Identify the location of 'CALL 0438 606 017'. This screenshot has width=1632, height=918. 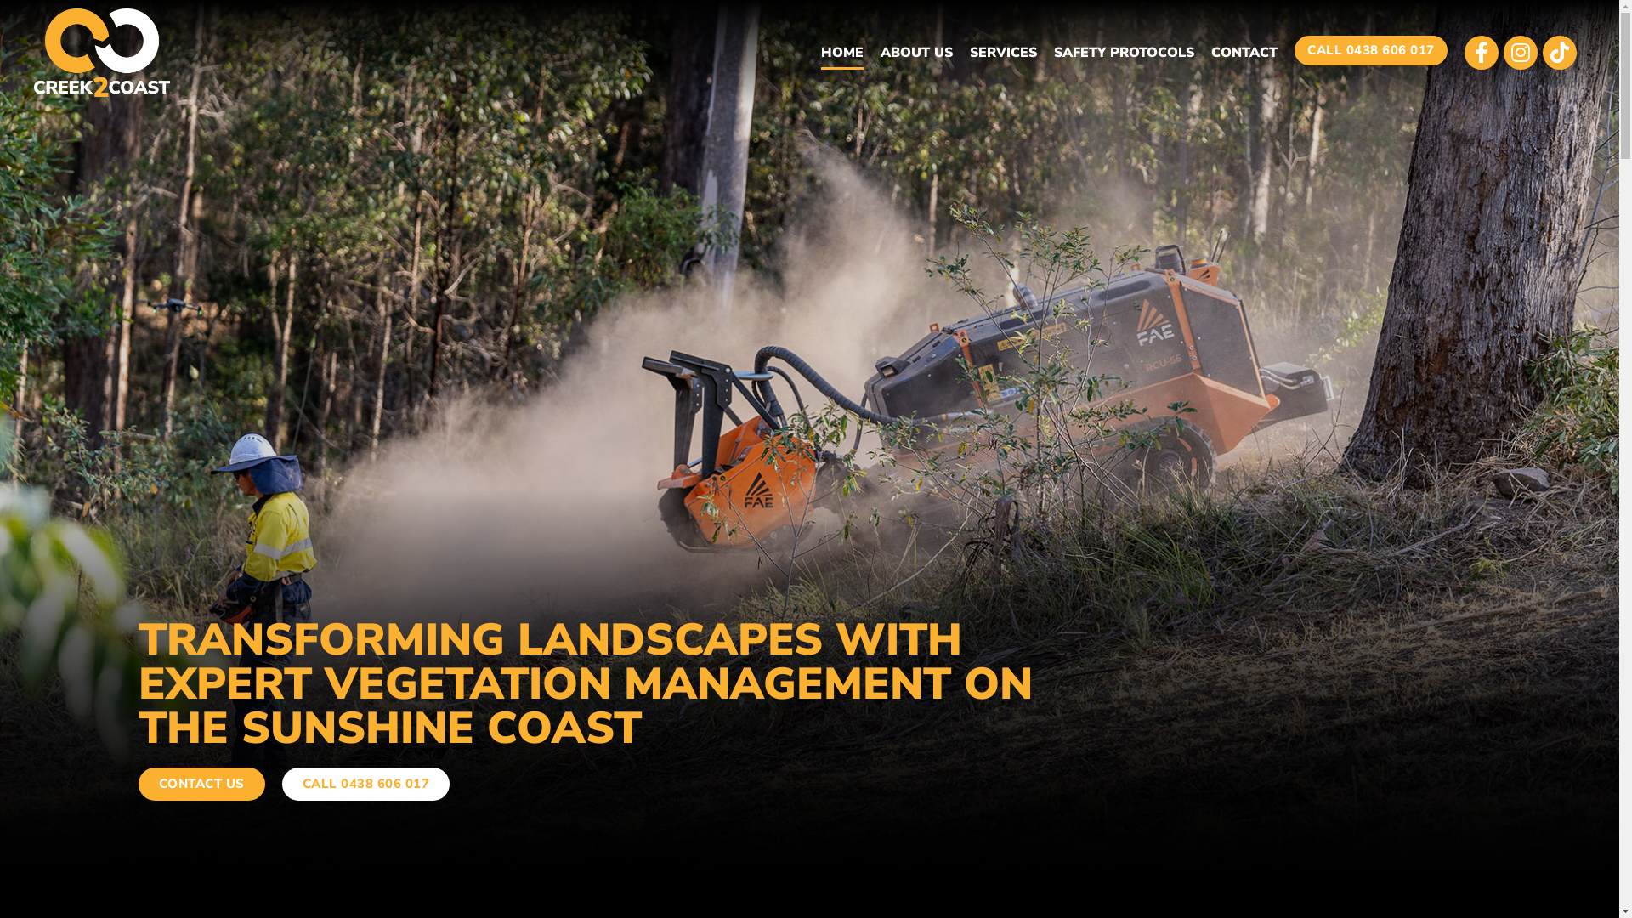
(1370, 49).